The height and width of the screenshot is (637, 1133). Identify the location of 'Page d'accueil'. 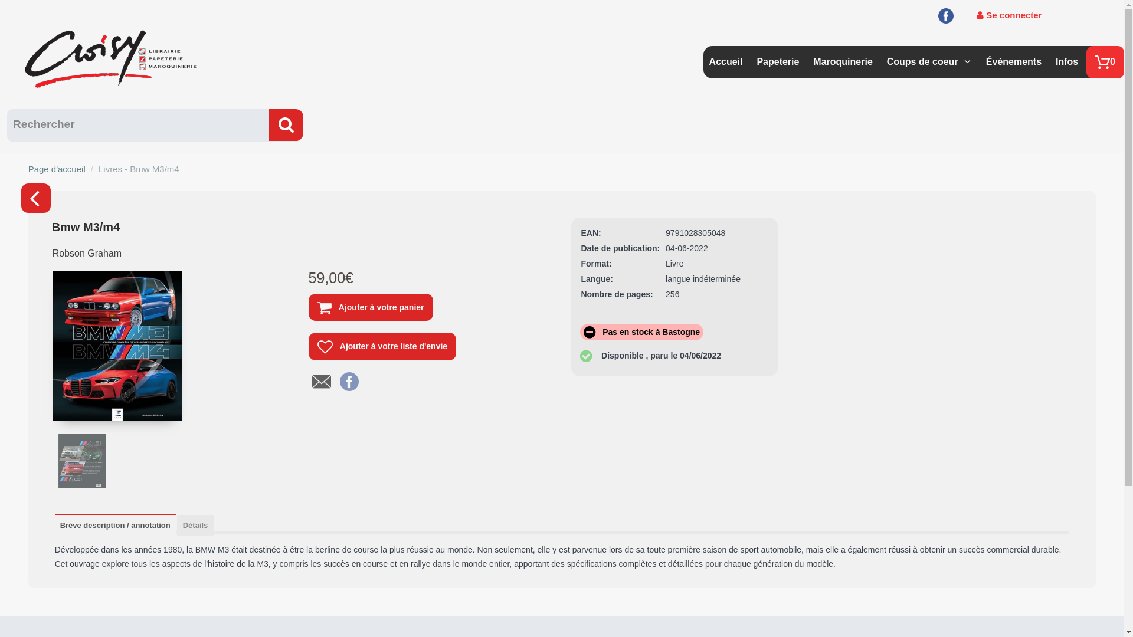
(56, 169).